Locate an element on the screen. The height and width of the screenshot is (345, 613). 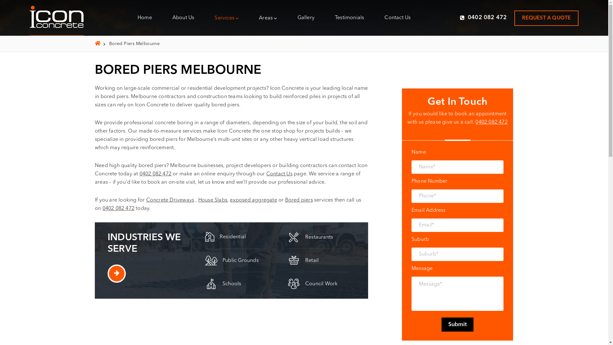
'Submit' is located at coordinates (457, 324).